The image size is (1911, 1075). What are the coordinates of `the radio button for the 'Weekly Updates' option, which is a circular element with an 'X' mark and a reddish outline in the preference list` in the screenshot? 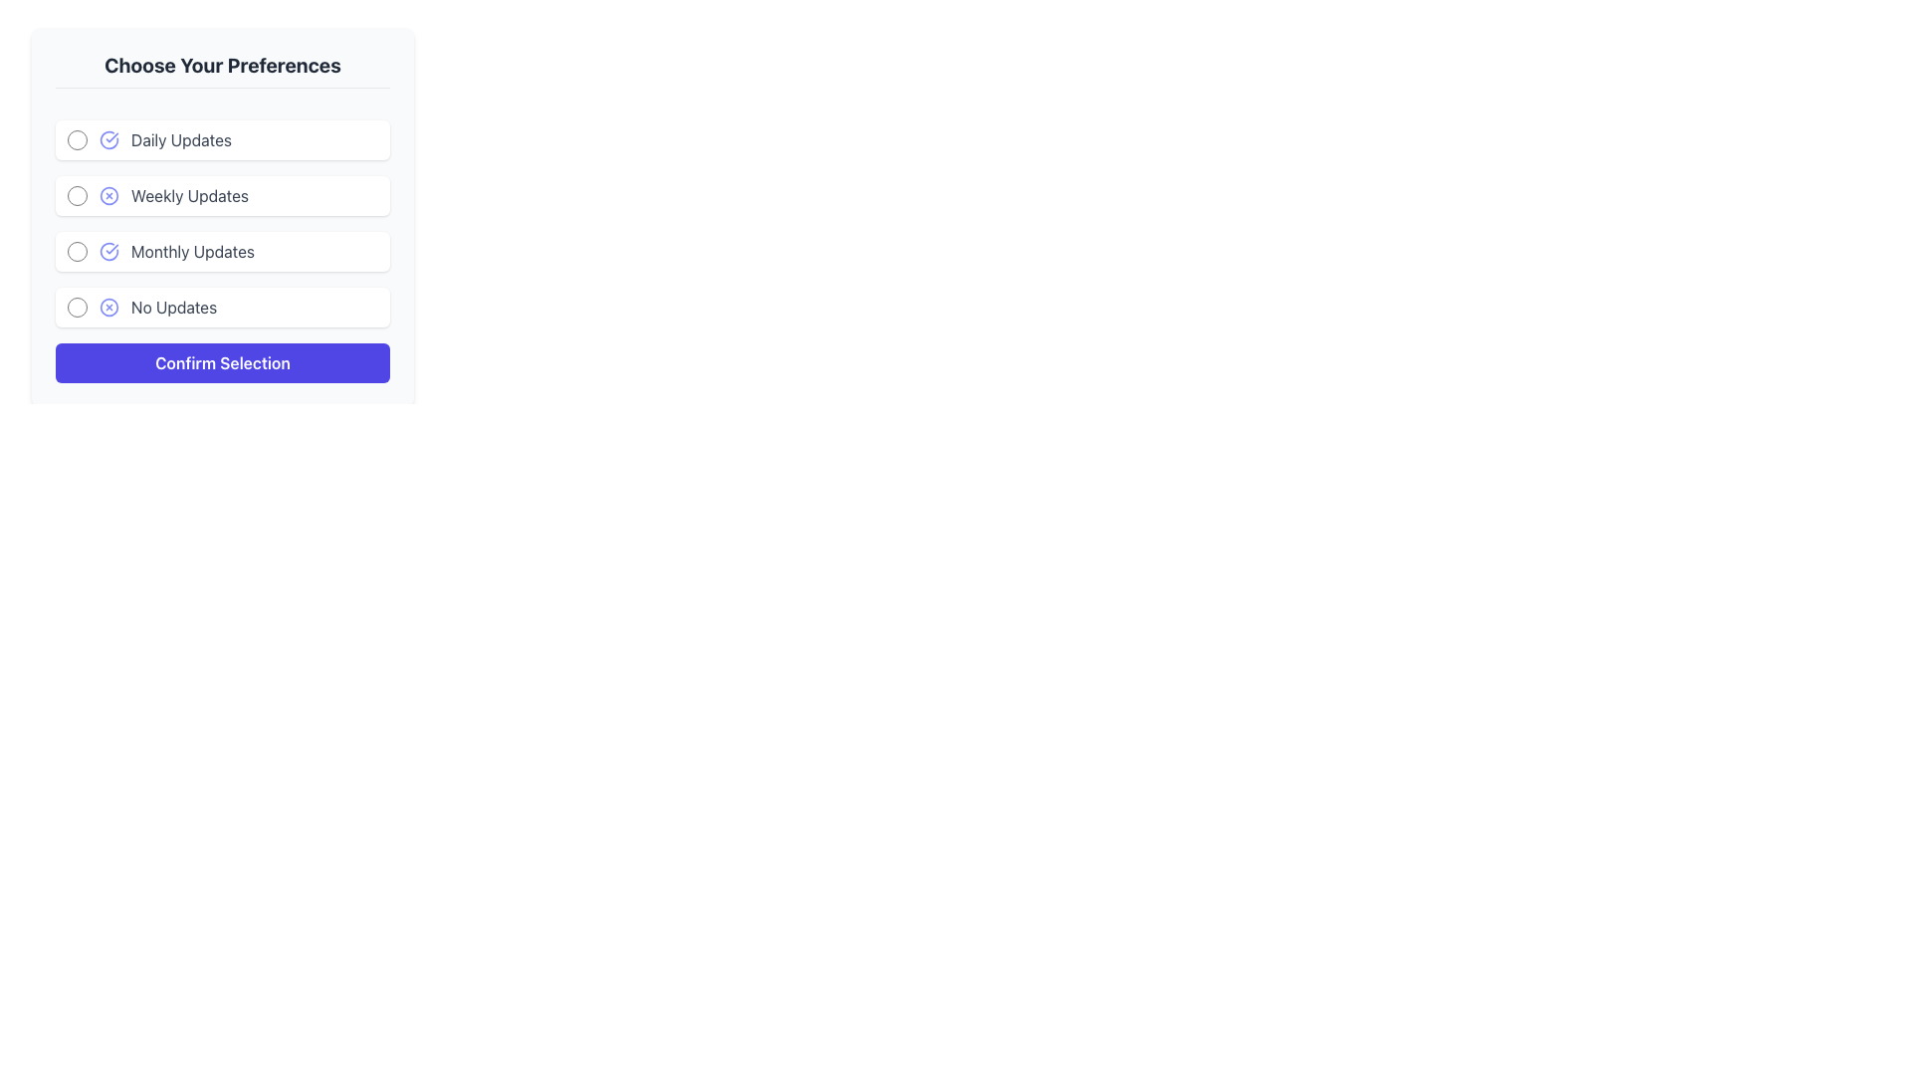 It's located at (108, 195).